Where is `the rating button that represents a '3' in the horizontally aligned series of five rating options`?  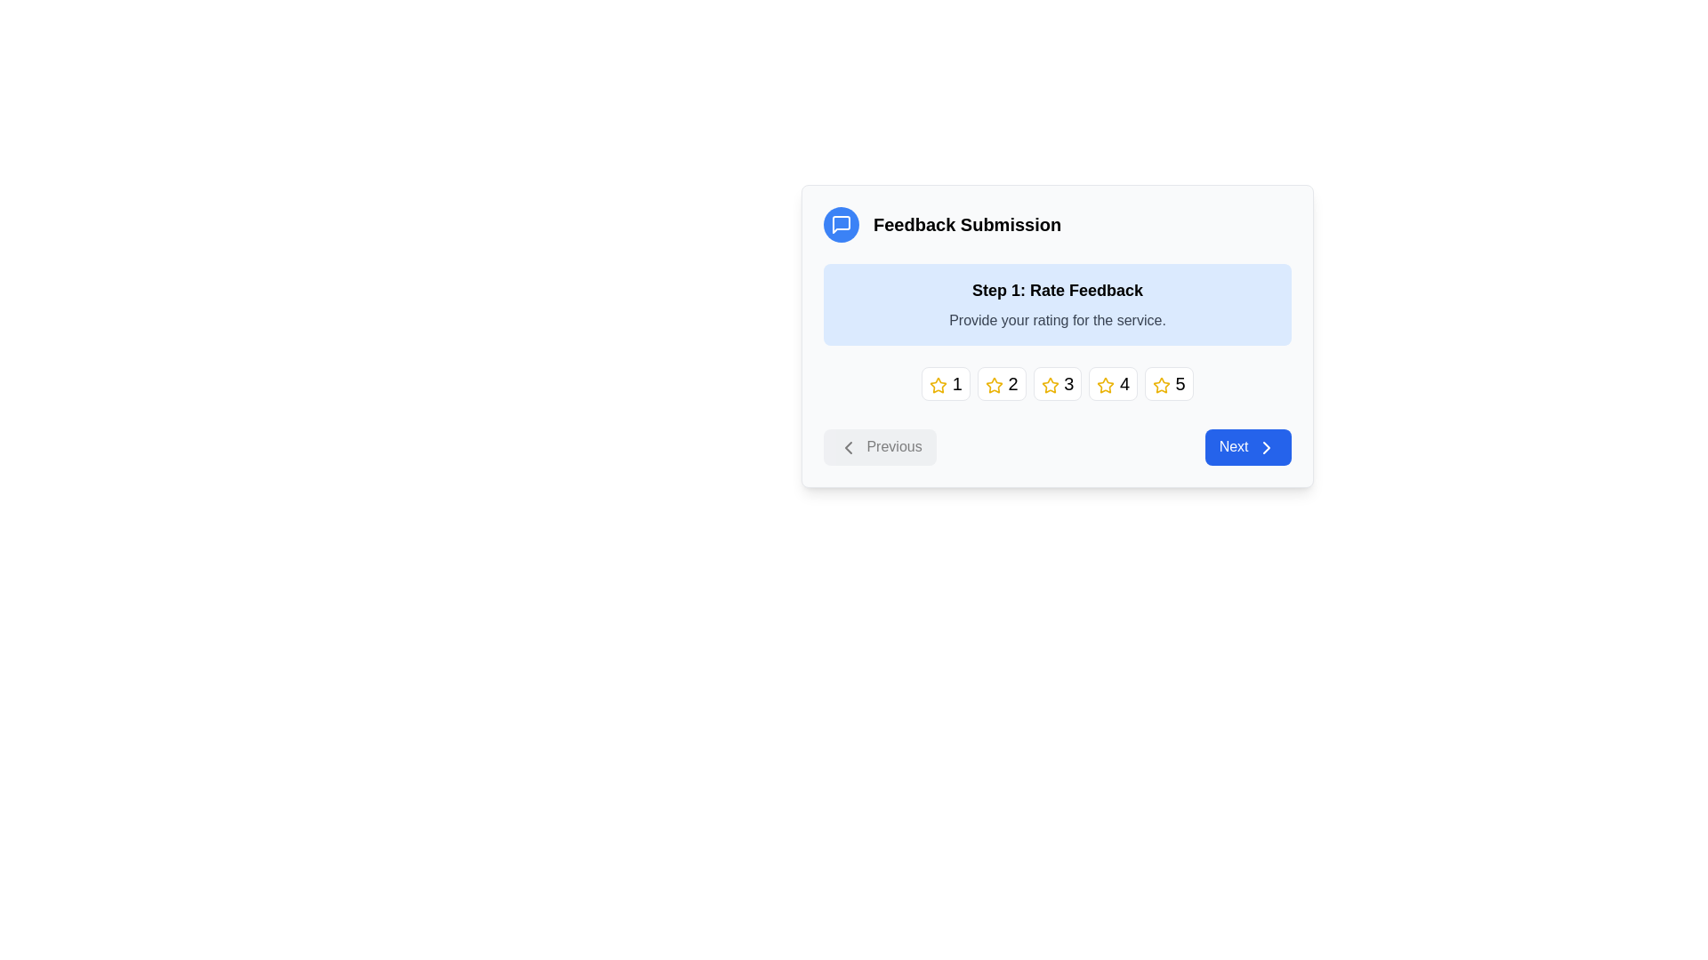
the rating button that represents a '3' in the horizontally aligned series of five rating options is located at coordinates (1058, 383).